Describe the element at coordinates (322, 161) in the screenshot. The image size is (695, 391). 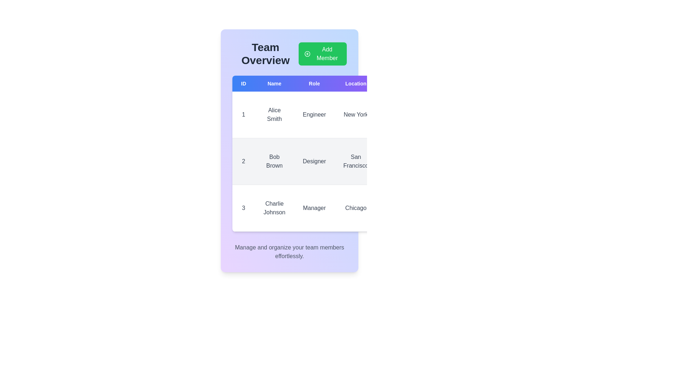
I see `the second row of the table containing details about 'Bob Brown', which includes the columns '2', 'Bob Brown', 'Designer', and 'San Francisco'` at that location.